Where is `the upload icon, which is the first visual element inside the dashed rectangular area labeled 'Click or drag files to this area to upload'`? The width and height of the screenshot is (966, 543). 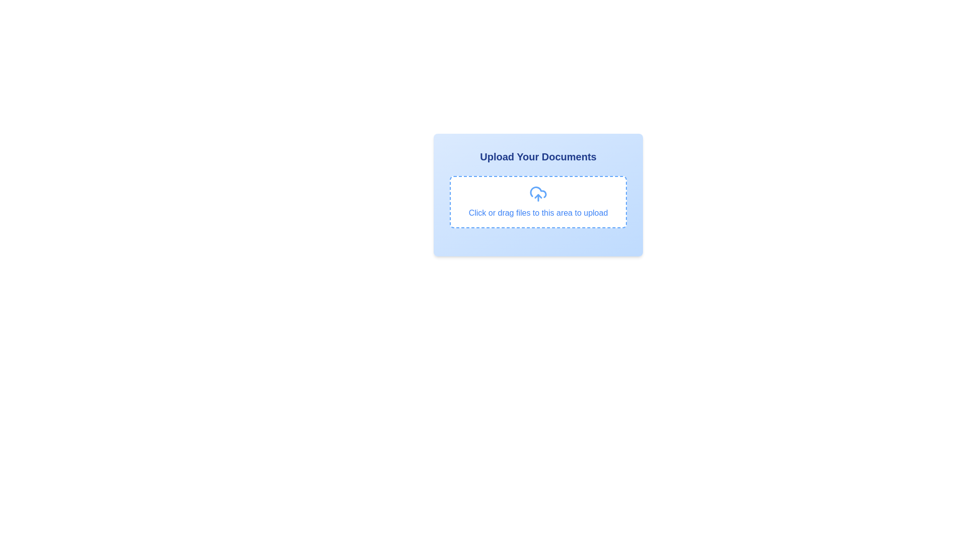 the upload icon, which is the first visual element inside the dashed rectangular area labeled 'Click or drag files to this area to upload' is located at coordinates (538, 194).